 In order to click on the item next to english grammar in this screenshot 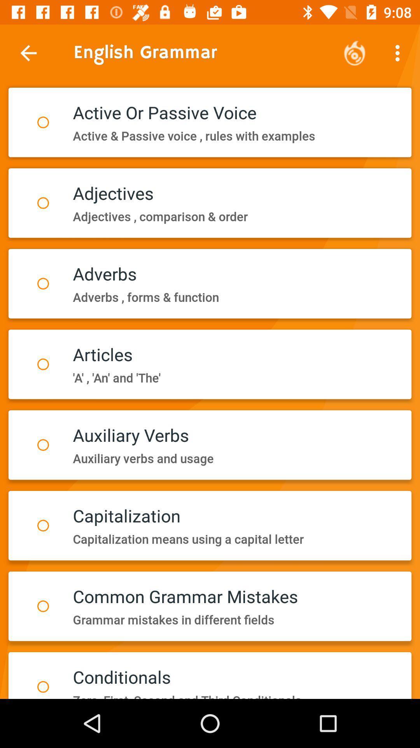, I will do `click(354, 53)`.